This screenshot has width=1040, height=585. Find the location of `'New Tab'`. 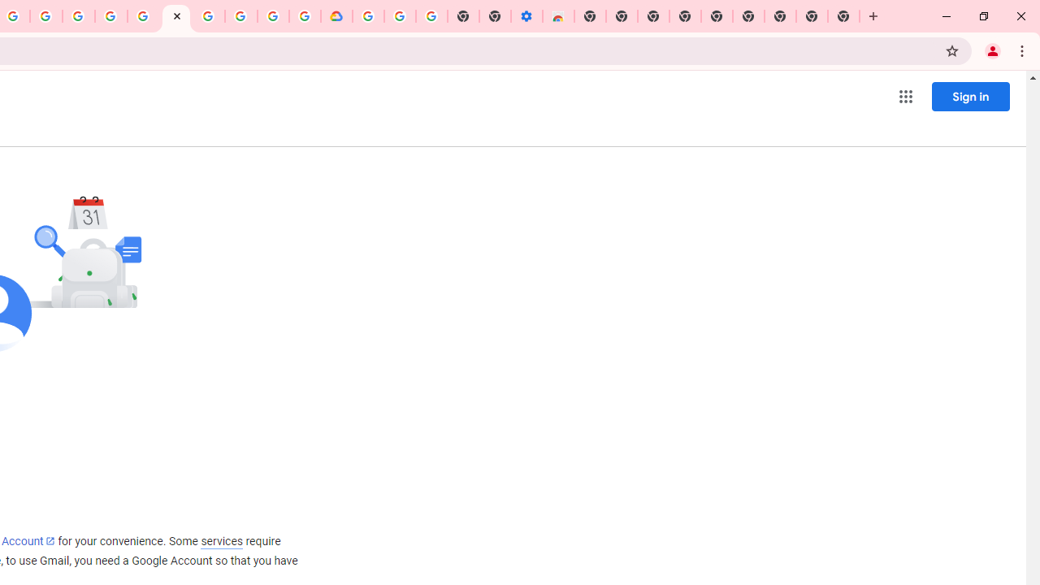

'New Tab' is located at coordinates (843, 16).